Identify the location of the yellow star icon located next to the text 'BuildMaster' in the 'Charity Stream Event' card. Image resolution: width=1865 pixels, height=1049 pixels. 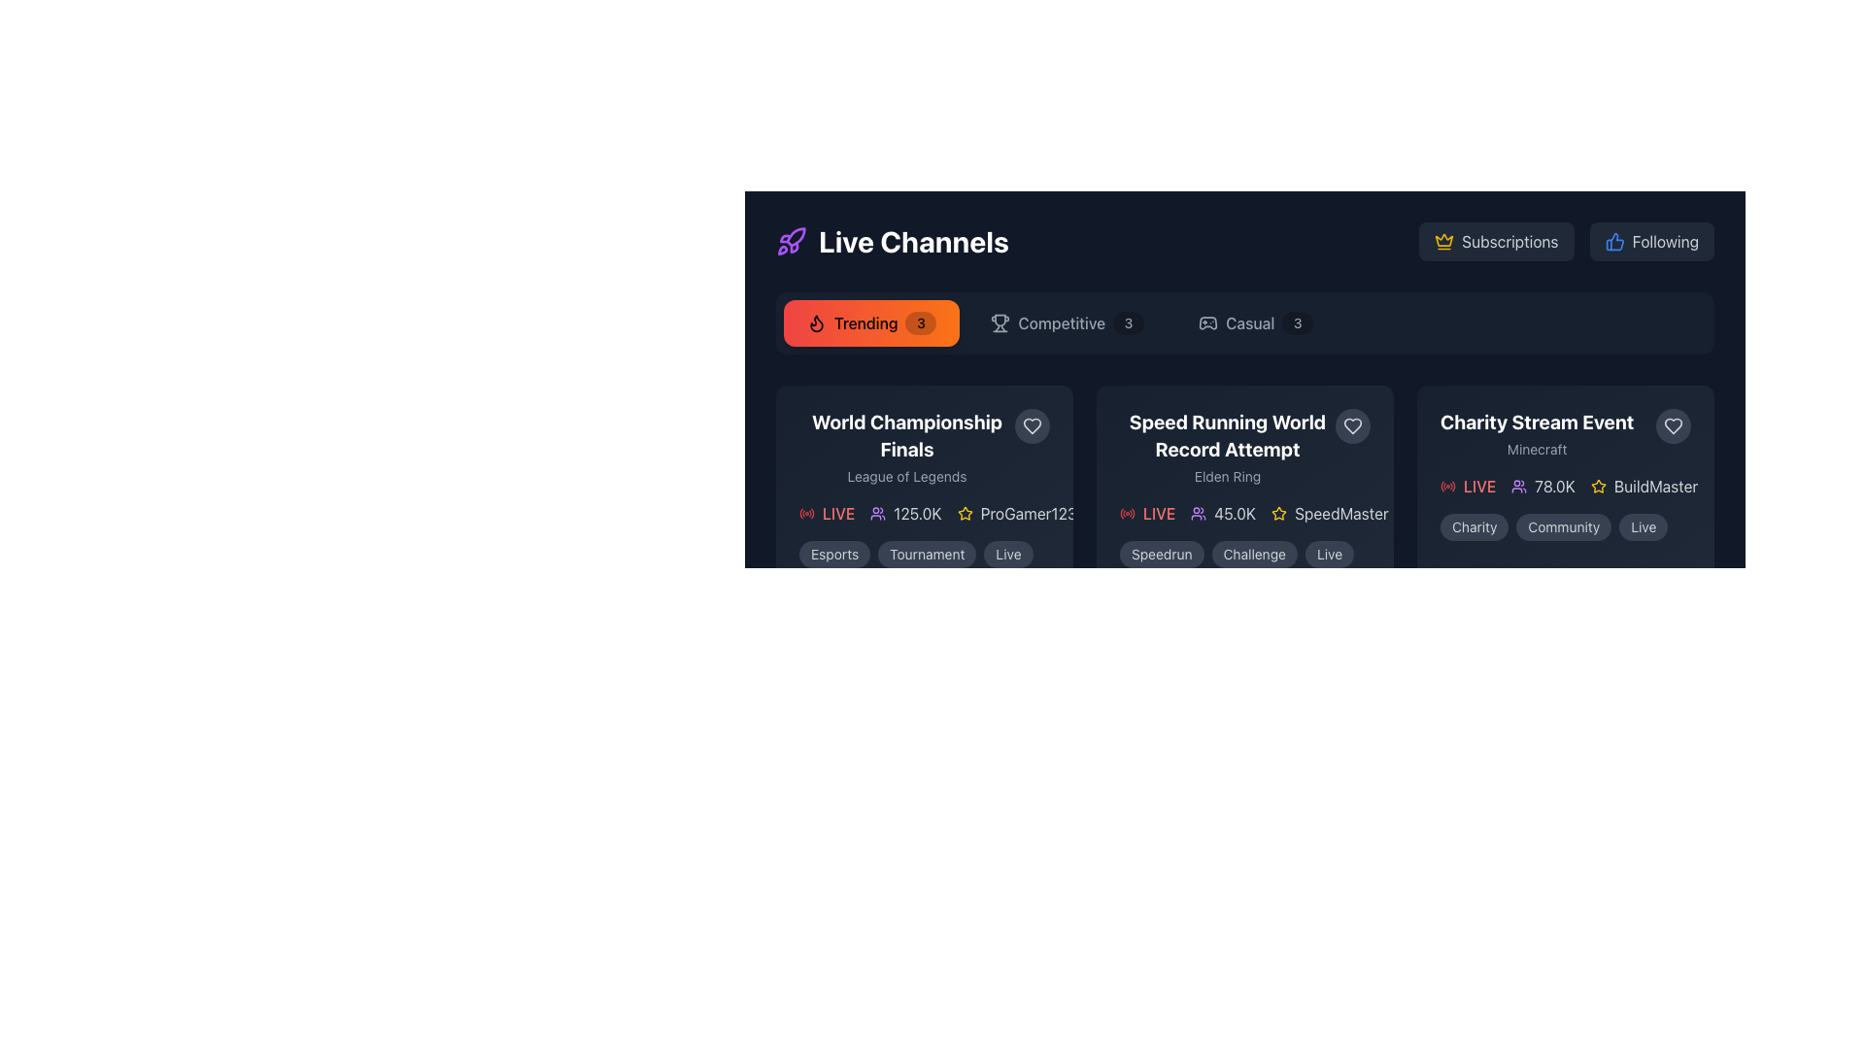
(1599, 486).